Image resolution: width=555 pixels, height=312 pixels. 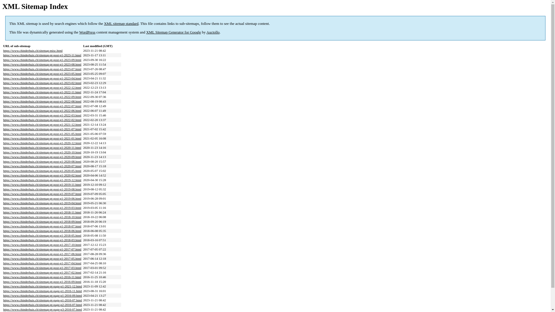 I want to click on 'https://www.chinderhuis.ch/sitemap-pt-post-p1-2022-11.html', so click(x=3, y=92).